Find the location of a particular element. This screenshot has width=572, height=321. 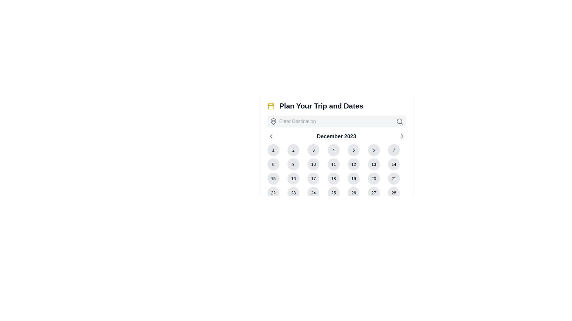

the map pin icon, which is styled with a thin gray outline and is located to the left of the 'Enter Destination' text input field is located at coordinates (273, 121).